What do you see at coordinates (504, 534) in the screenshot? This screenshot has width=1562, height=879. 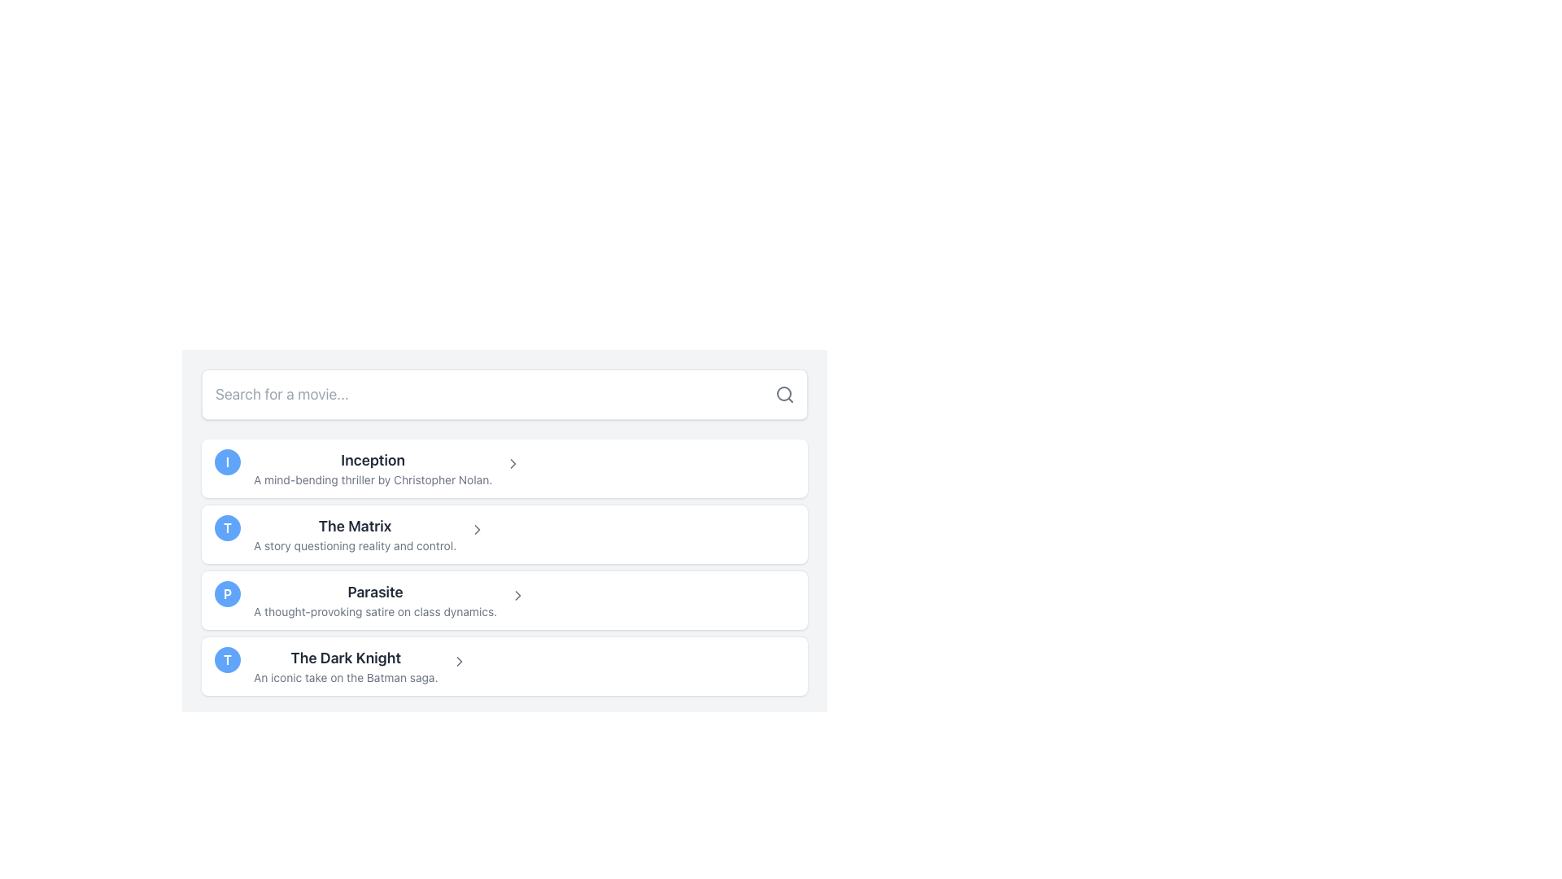 I see `the List item titled 'The Matrix'` at bounding box center [504, 534].